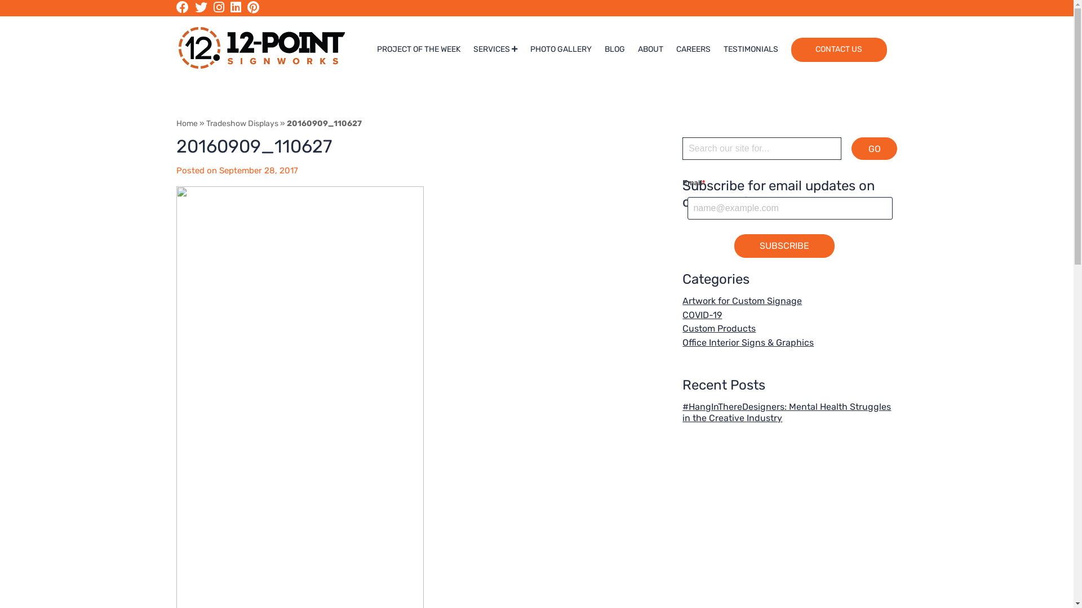 The image size is (1082, 608). Describe the element at coordinates (681, 328) in the screenshot. I see `'Custom Products'` at that location.